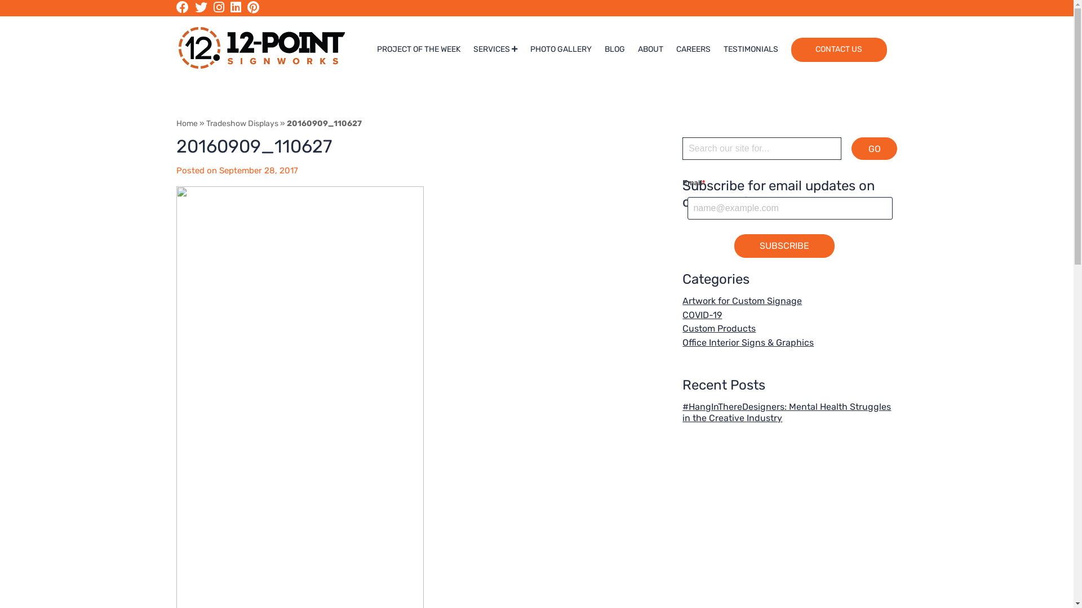 The image size is (1082, 608). Describe the element at coordinates (681, 328) in the screenshot. I see `'Custom Products'` at that location.